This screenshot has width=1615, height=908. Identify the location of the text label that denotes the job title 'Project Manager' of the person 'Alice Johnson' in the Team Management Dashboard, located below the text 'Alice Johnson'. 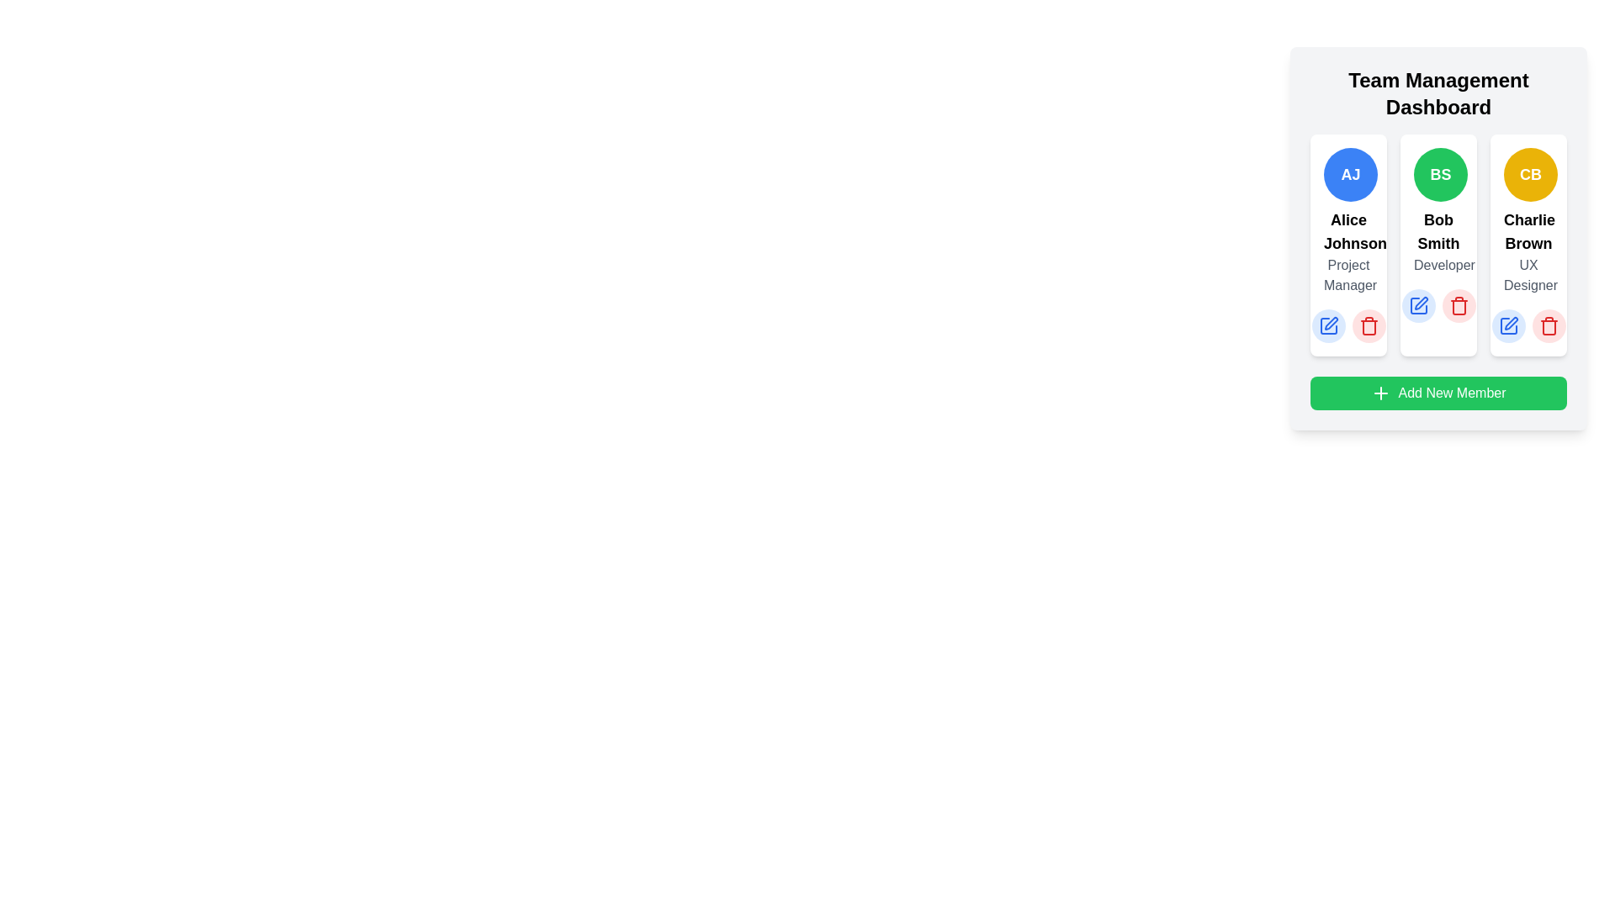
(1348, 274).